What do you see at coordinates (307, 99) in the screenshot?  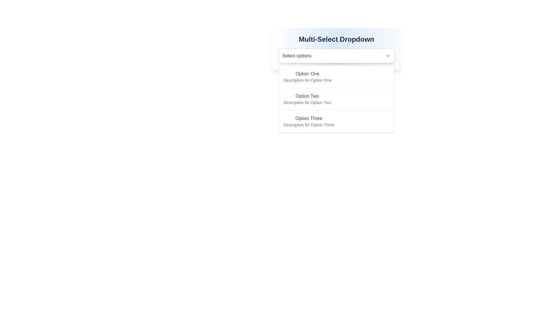 I see `the second item in the dropdown menu` at bounding box center [307, 99].